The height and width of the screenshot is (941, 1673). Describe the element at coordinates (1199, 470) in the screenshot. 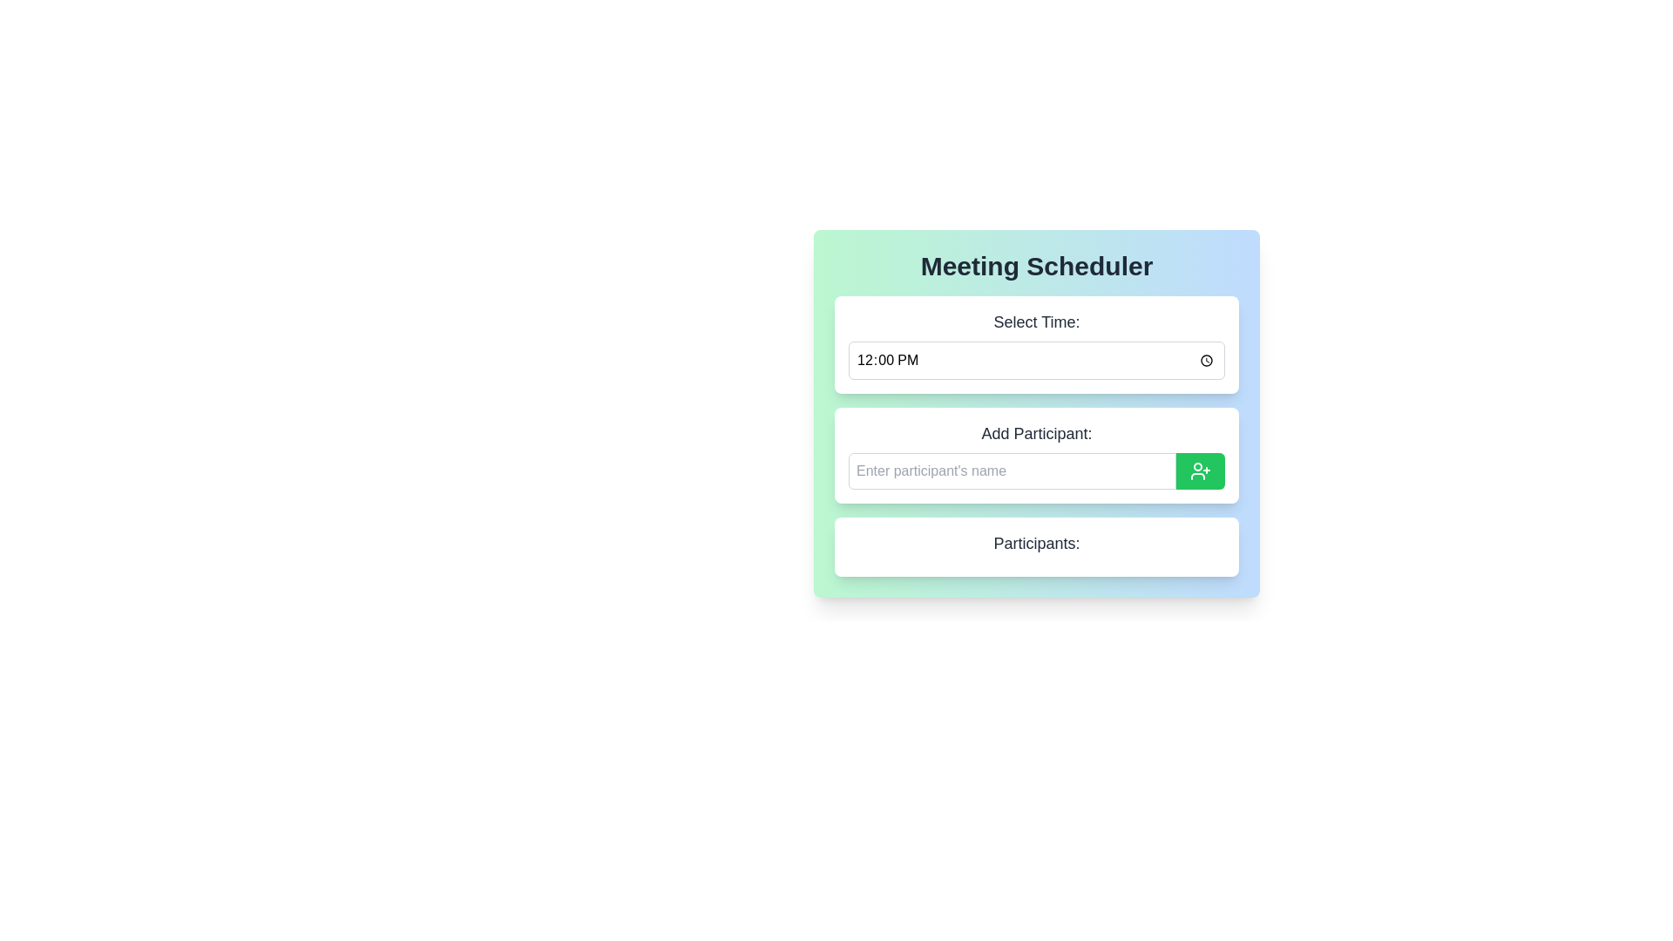

I see `the icon button located at the far-right end of the 'Add Participant' horizontal box` at that location.